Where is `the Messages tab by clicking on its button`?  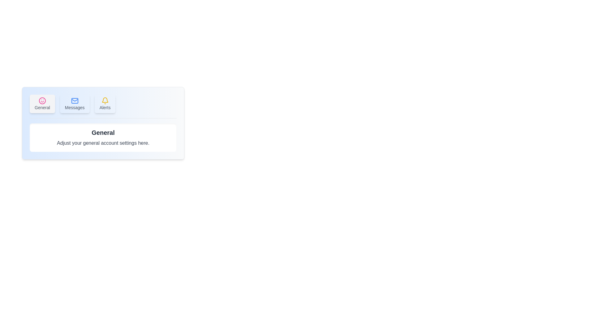
the Messages tab by clicking on its button is located at coordinates (74, 103).